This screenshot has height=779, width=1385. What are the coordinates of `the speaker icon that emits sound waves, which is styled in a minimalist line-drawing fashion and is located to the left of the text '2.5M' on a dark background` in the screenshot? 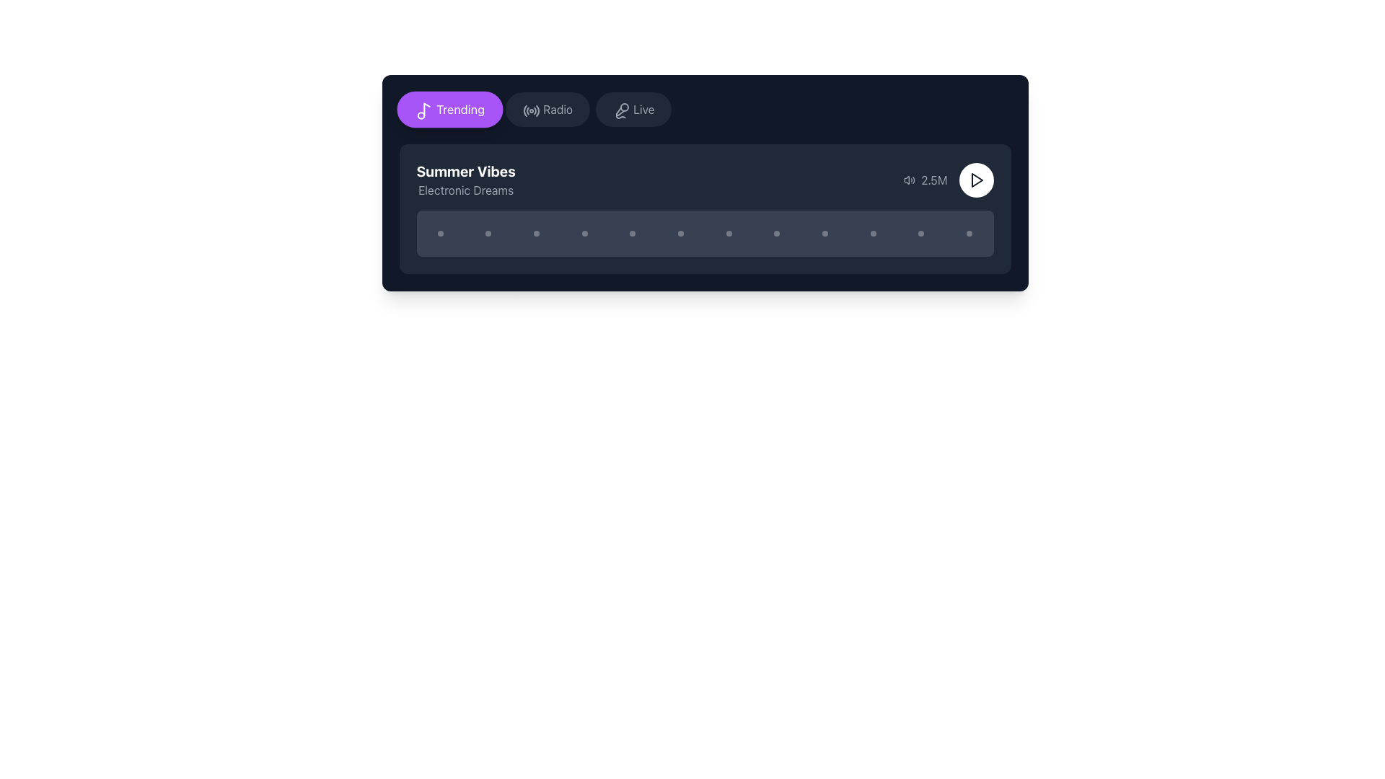 It's located at (909, 180).